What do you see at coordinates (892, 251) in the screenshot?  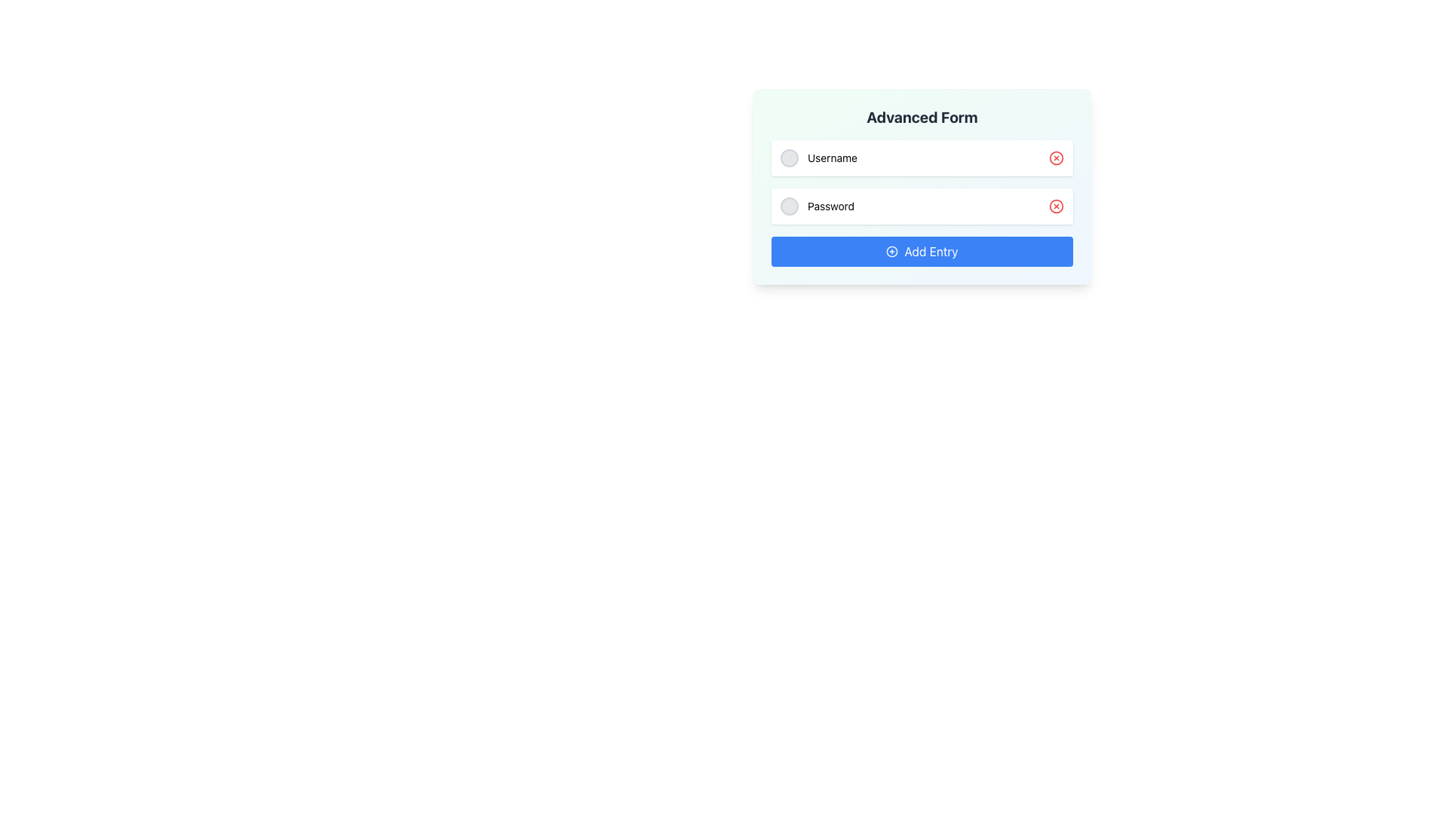 I see `the state of the circular blue icon with a '+' symbol labeled 'Add Entry' located at the center of the form` at bounding box center [892, 251].